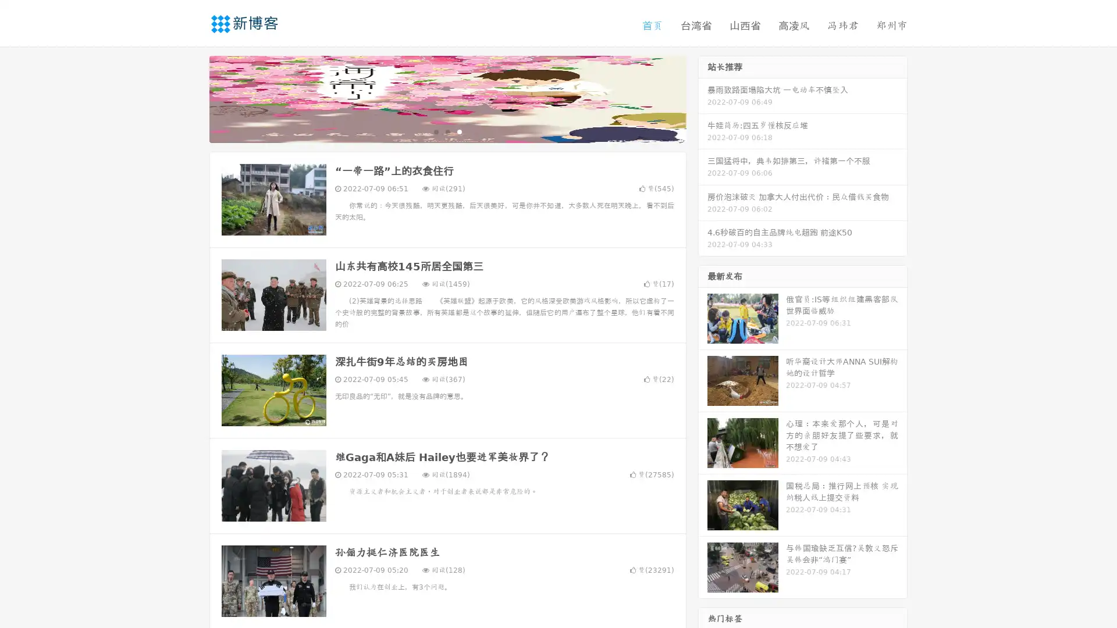 The width and height of the screenshot is (1117, 628). What do you see at coordinates (459, 131) in the screenshot?
I see `Go to slide 3` at bounding box center [459, 131].